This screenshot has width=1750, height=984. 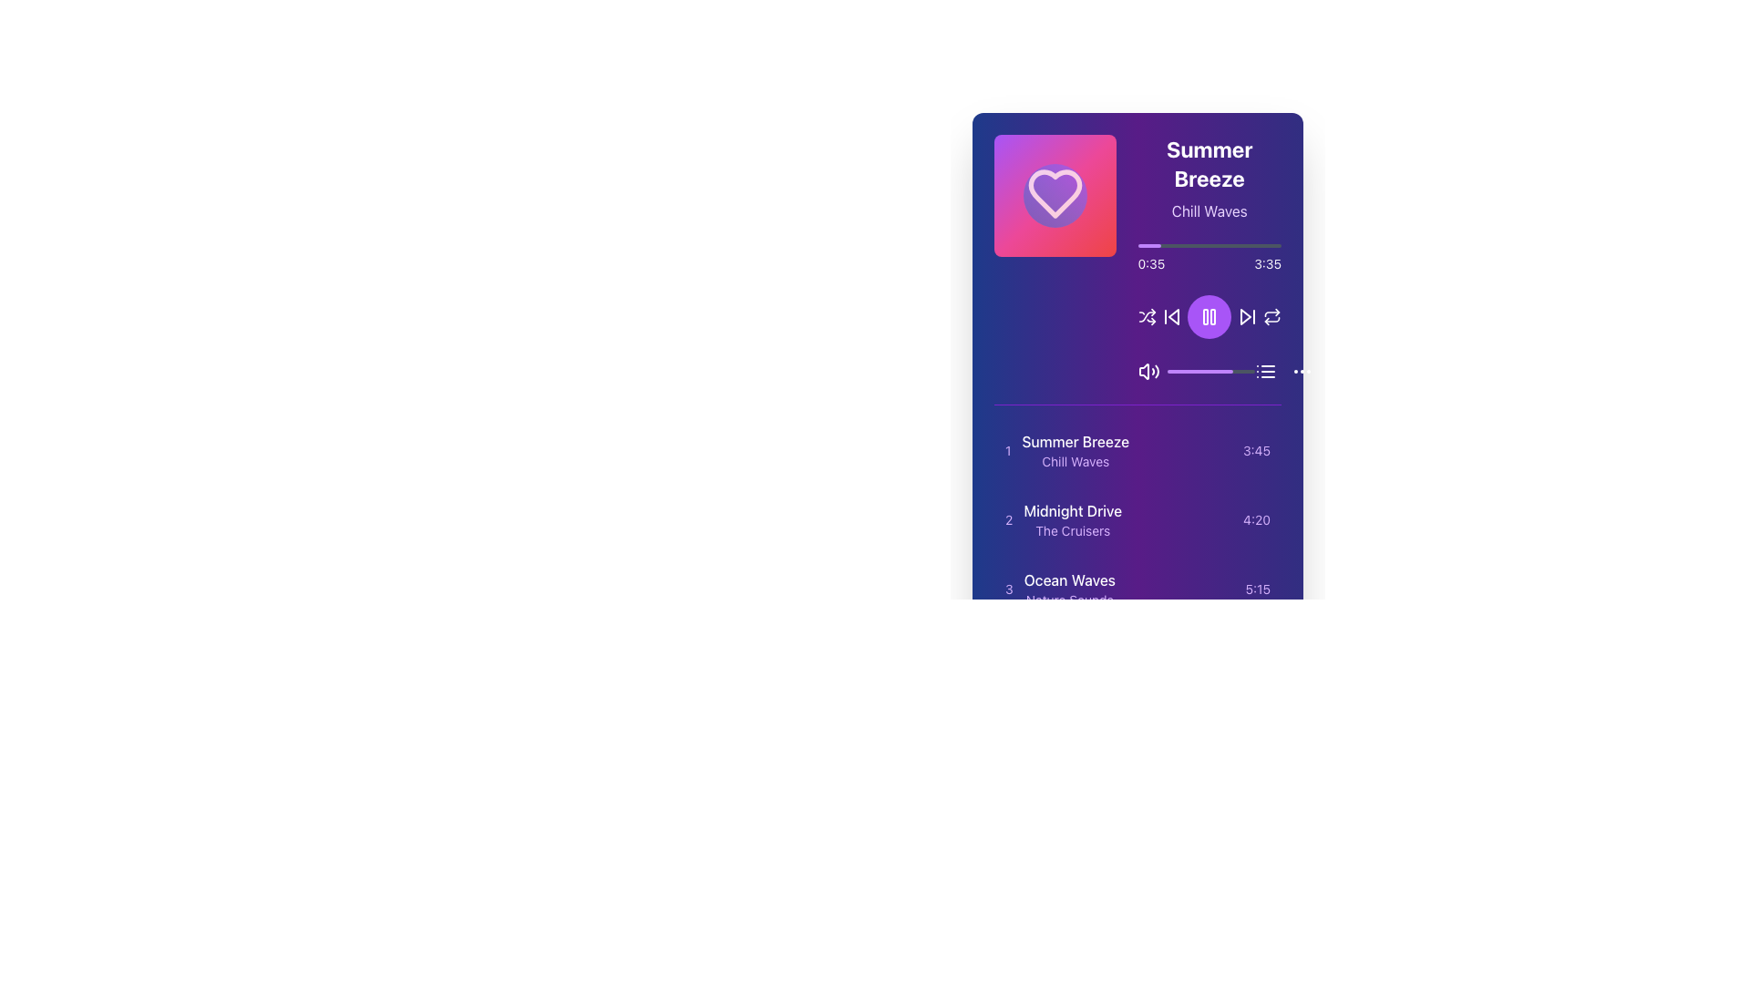 What do you see at coordinates (1073, 530) in the screenshot?
I see `the text label reading 'The Cruisers', which is styled in purple and positioned beneath 'Midnight Drive' within the second item of a vertical song list` at bounding box center [1073, 530].